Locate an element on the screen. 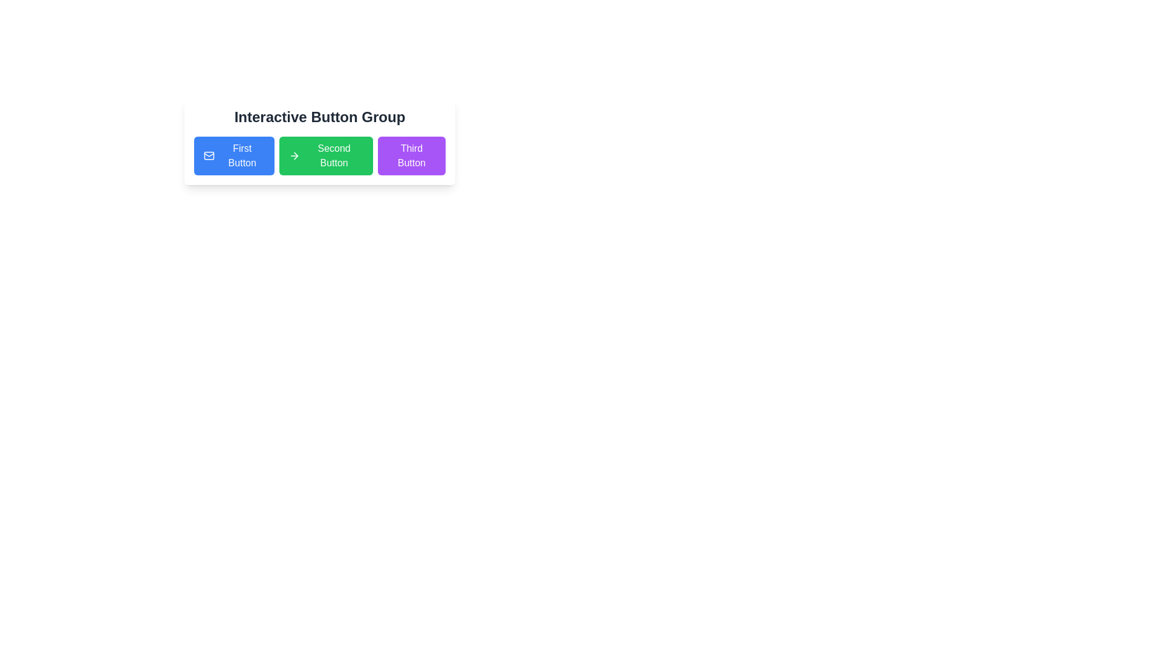  the middle button in a group of three buttons, positioned between a blue button on the left and a purple button on the right, to execute its action is located at coordinates (326, 155).